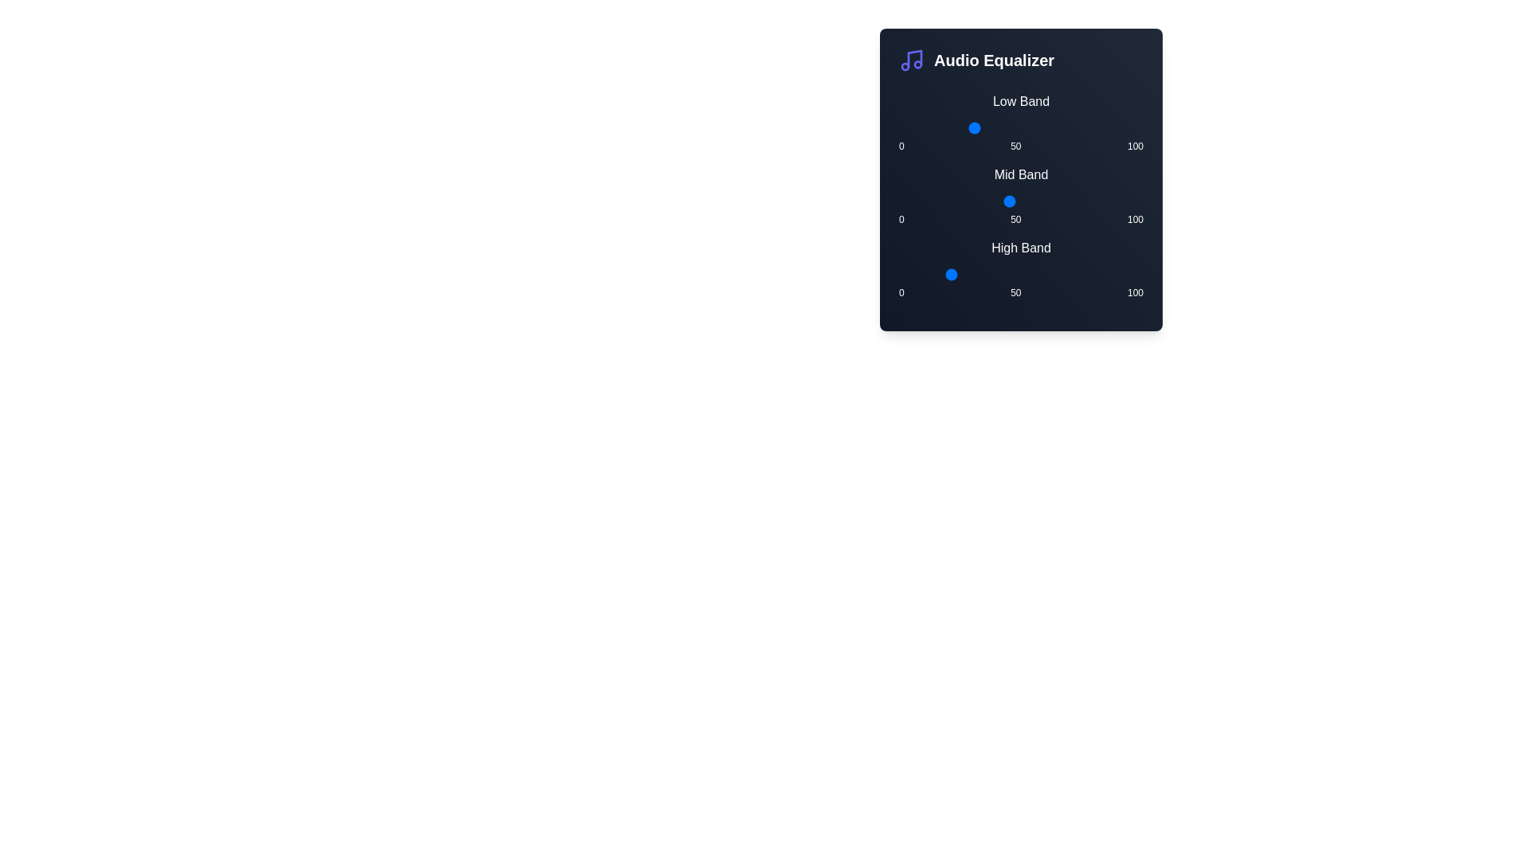 This screenshot has width=1529, height=860. I want to click on the Mid Band slider to set its value to 42, so click(1000, 201).